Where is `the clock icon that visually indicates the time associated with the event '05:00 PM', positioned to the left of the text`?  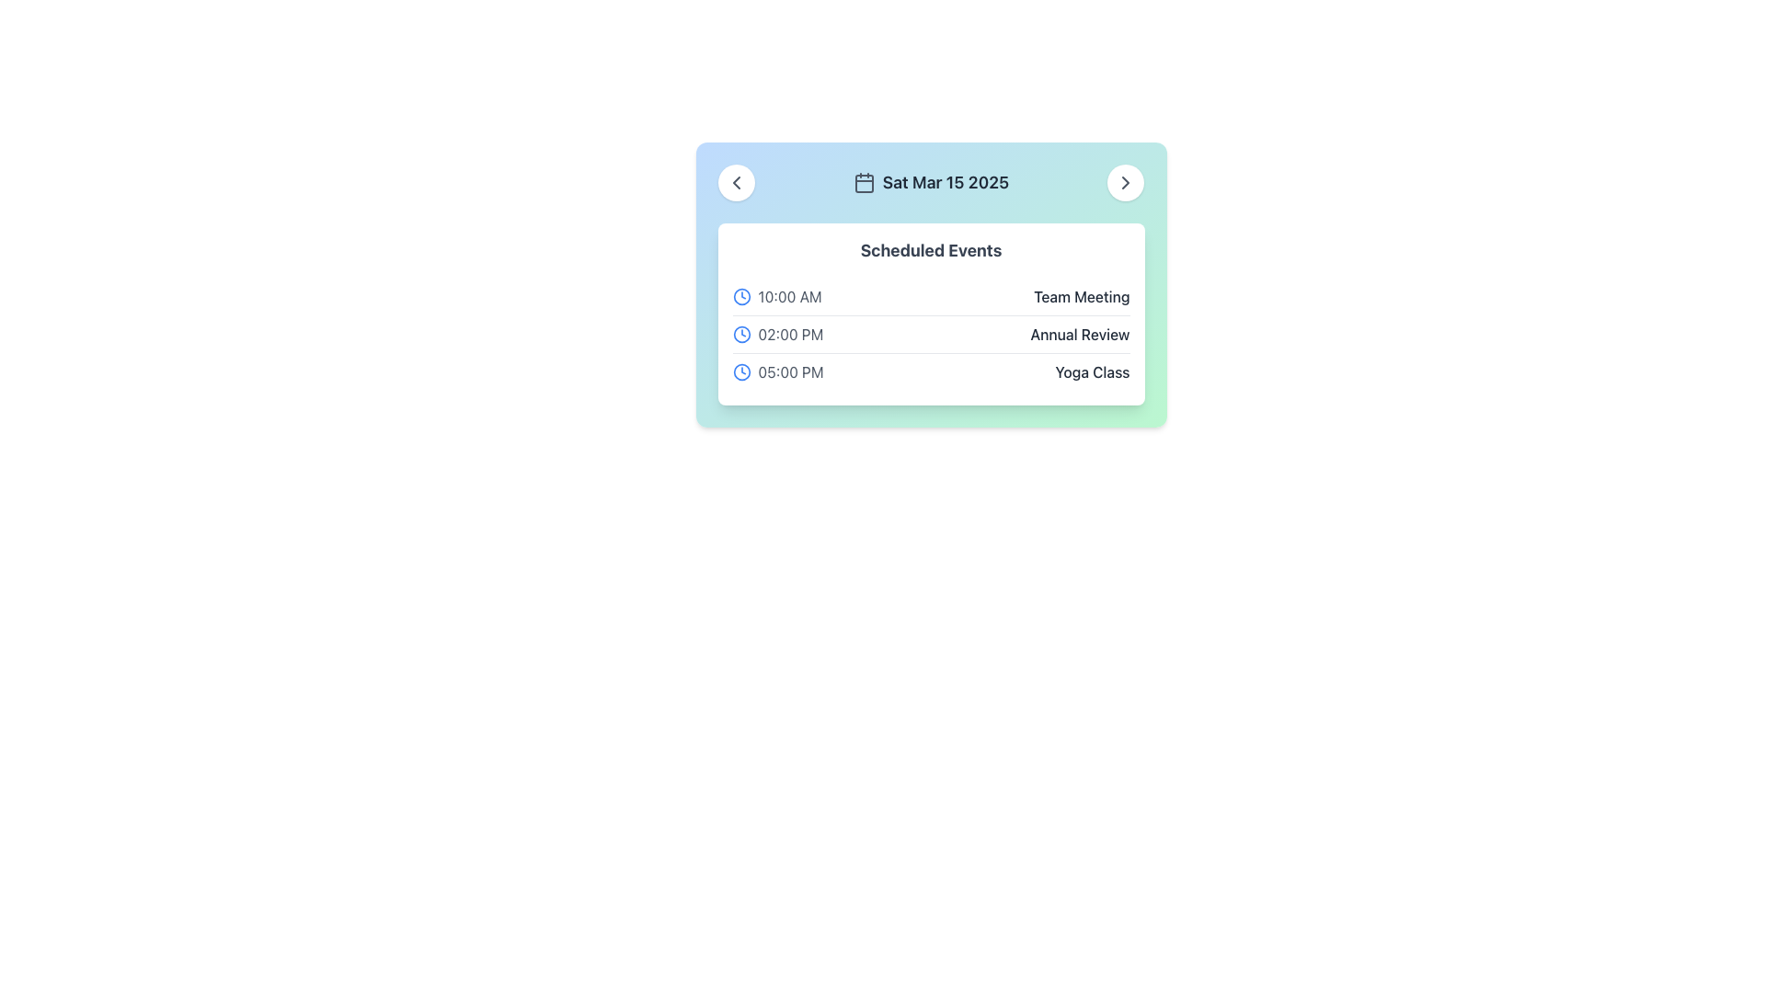
the clock icon that visually indicates the time associated with the event '05:00 PM', positioned to the left of the text is located at coordinates (741, 372).